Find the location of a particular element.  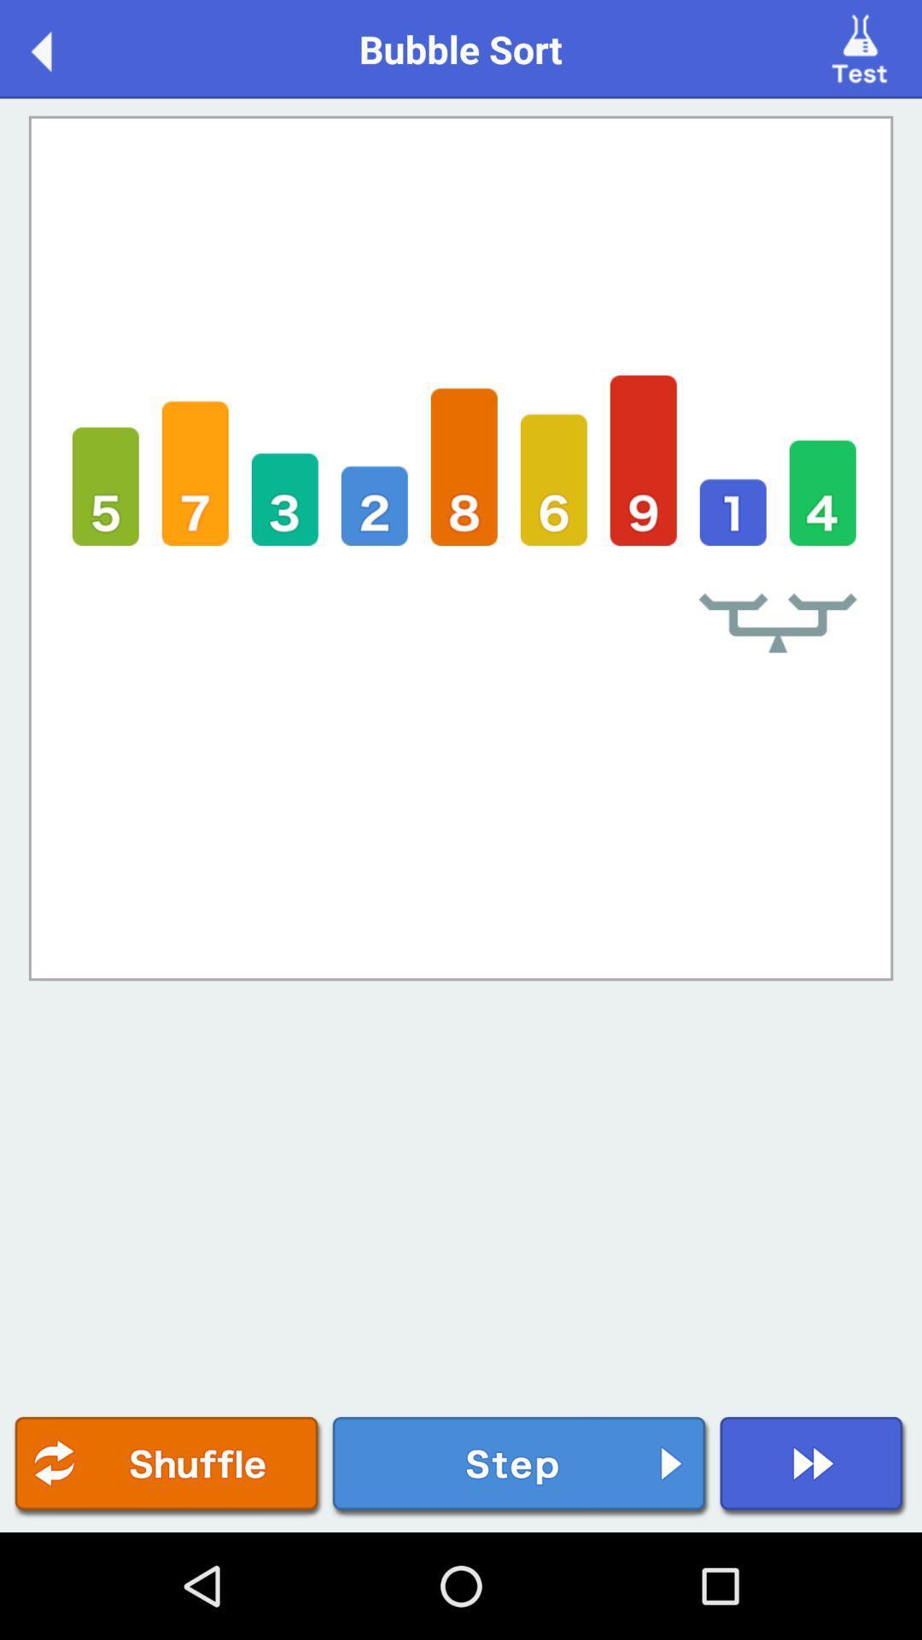

shuffle option is located at coordinates (168, 1466).